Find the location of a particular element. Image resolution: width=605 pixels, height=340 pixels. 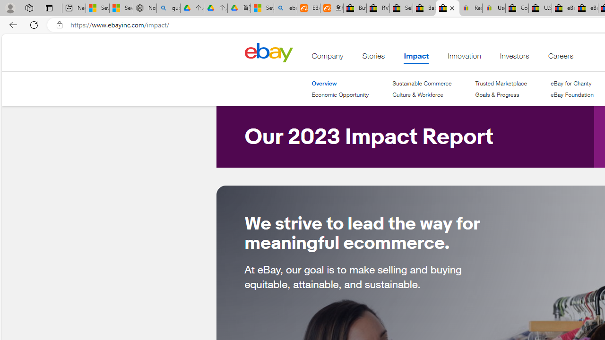

'Personal Profile' is located at coordinates (10, 8).